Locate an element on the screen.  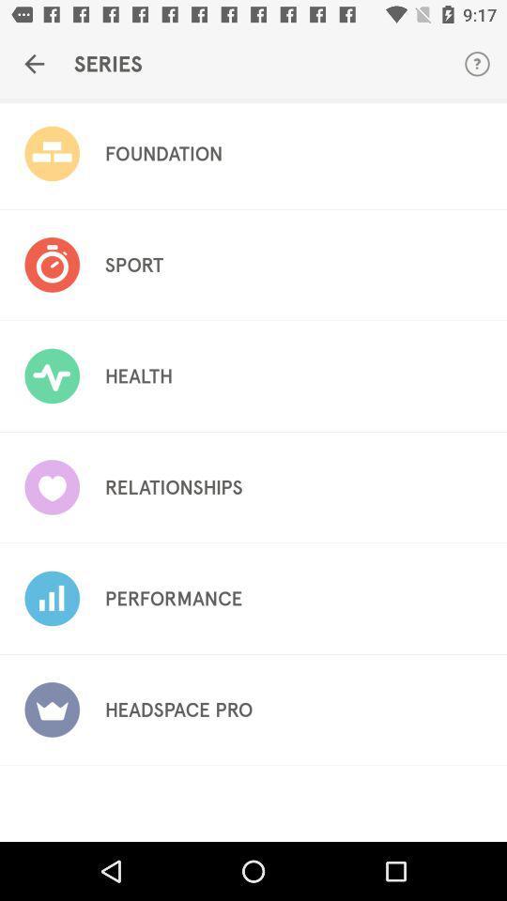
the icon to the left of the series is located at coordinates (34, 64).